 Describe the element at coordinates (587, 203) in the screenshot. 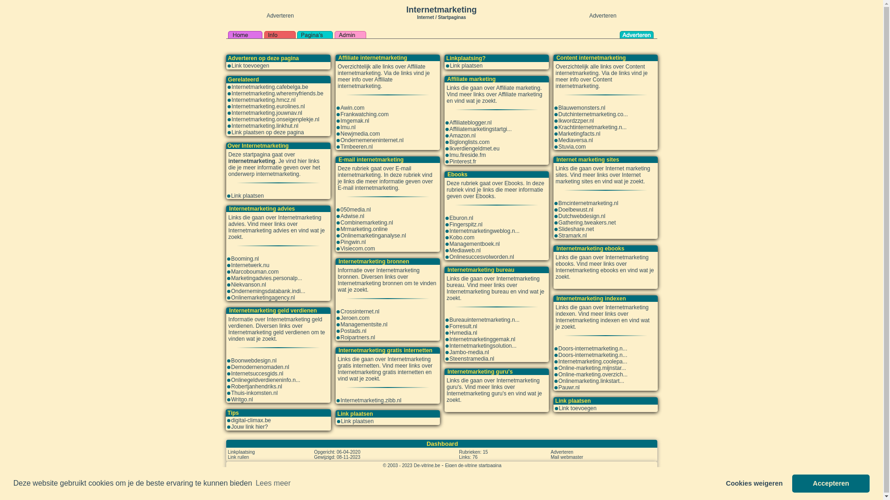

I see `'Bmcinternetmarketing.nl'` at that location.